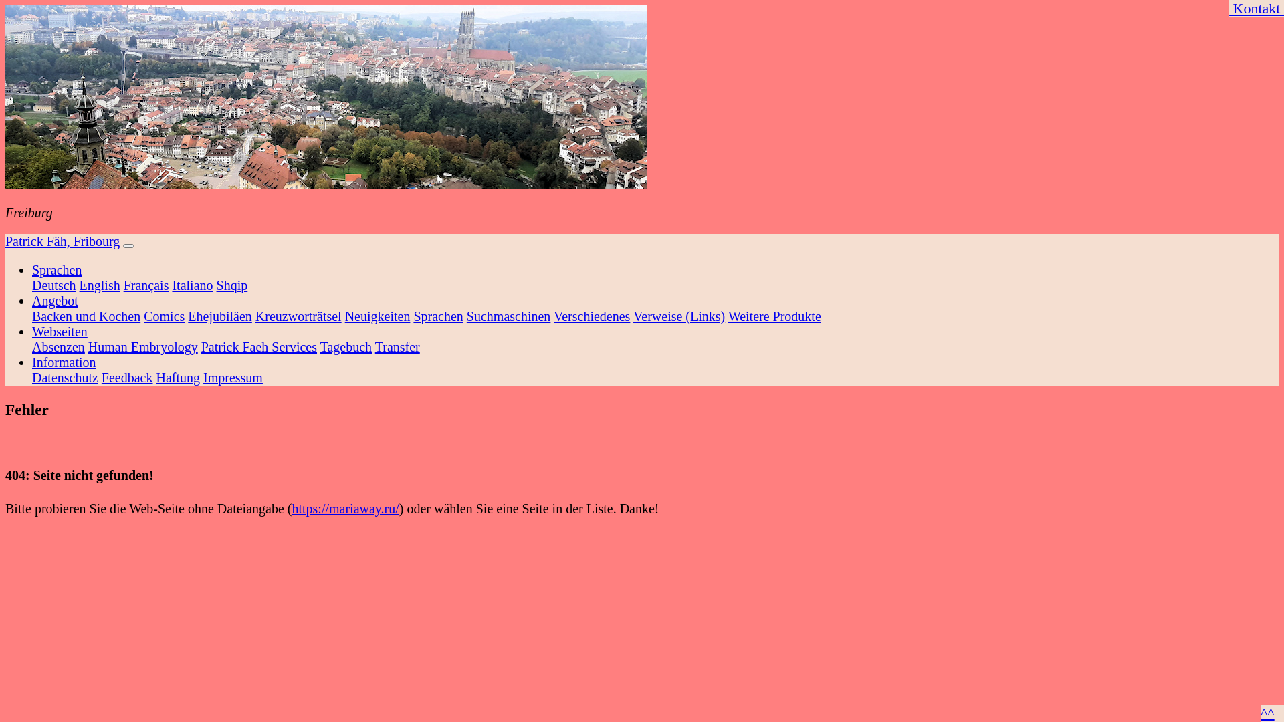 The width and height of the screenshot is (1284, 722). Describe the element at coordinates (346, 346) in the screenshot. I see `'Tagebuch'` at that location.